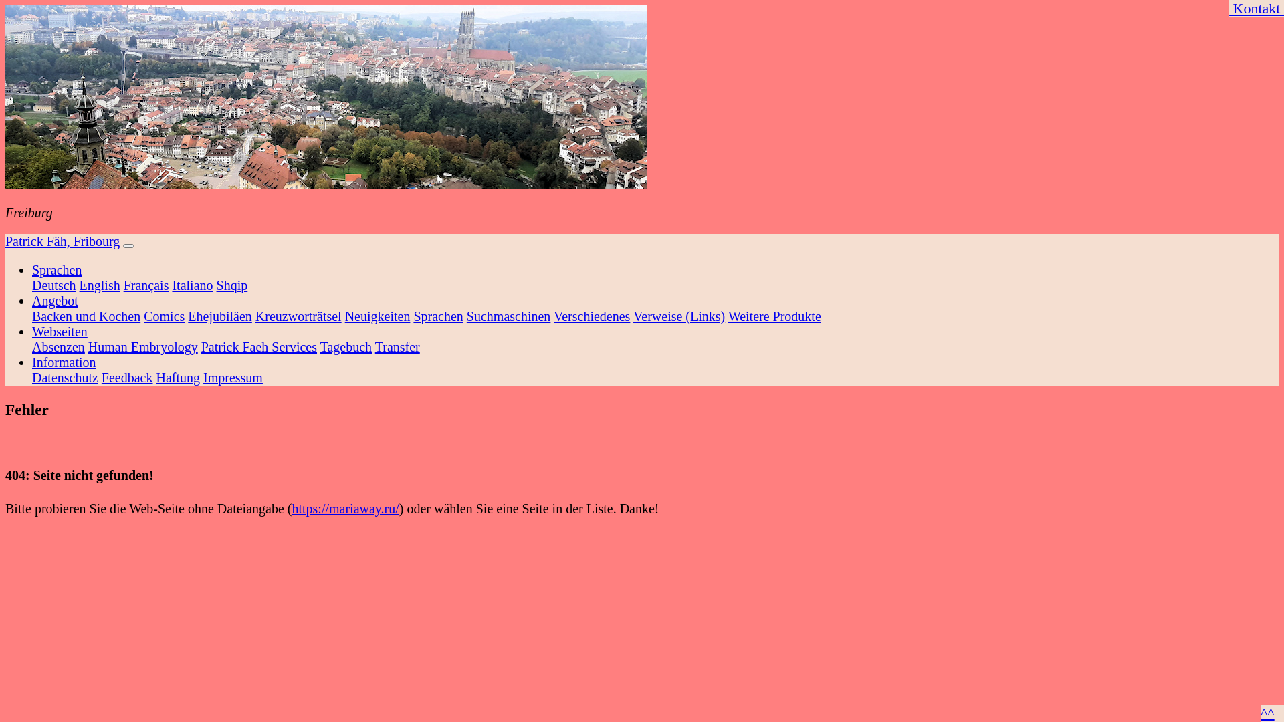 The width and height of the screenshot is (1284, 722). Describe the element at coordinates (346, 346) in the screenshot. I see `'Tagebuch'` at that location.